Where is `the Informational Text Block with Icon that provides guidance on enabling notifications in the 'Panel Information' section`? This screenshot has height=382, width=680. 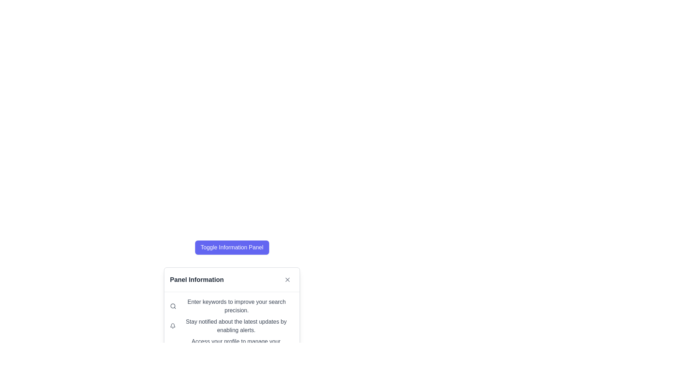 the Informational Text Block with Icon that provides guidance on enabling notifications in the 'Panel Information' section is located at coordinates (232, 326).